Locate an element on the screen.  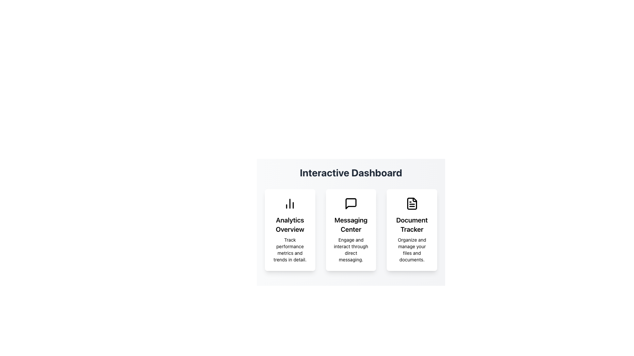
the 'Document Tracker' Card UI element located in the rightmost column of the grid layout to trigger hover effects is located at coordinates (411, 230).